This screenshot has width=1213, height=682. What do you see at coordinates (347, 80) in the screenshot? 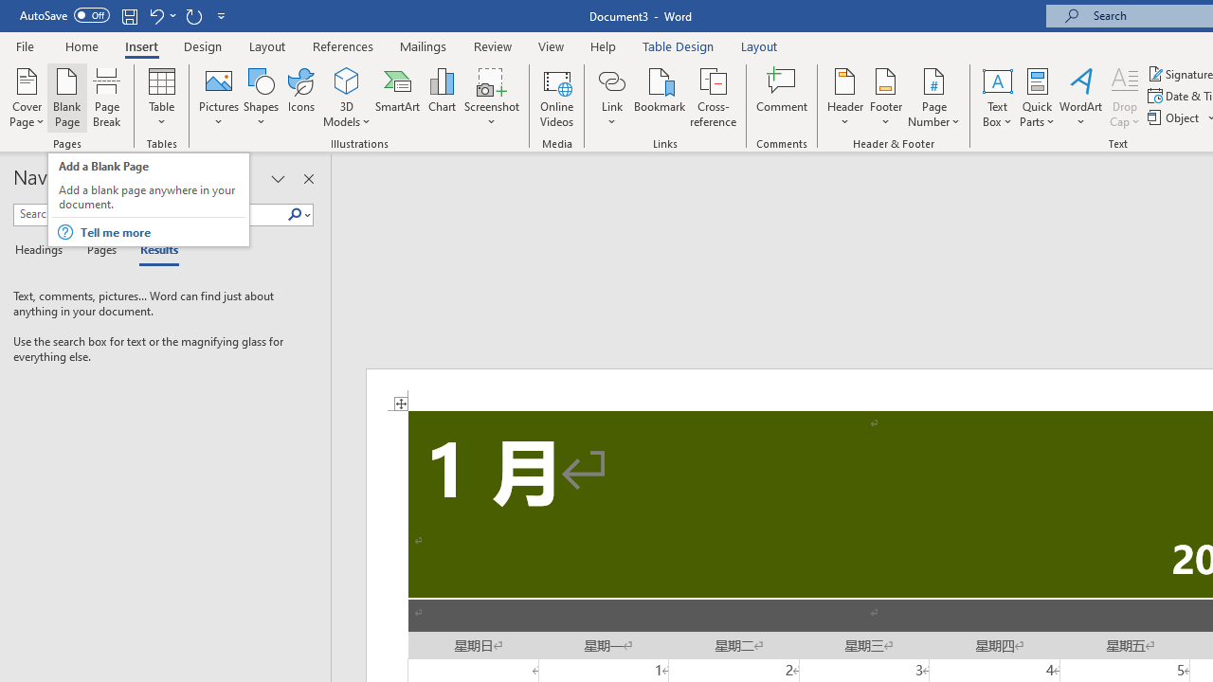
I see `'3D Models'` at bounding box center [347, 80].